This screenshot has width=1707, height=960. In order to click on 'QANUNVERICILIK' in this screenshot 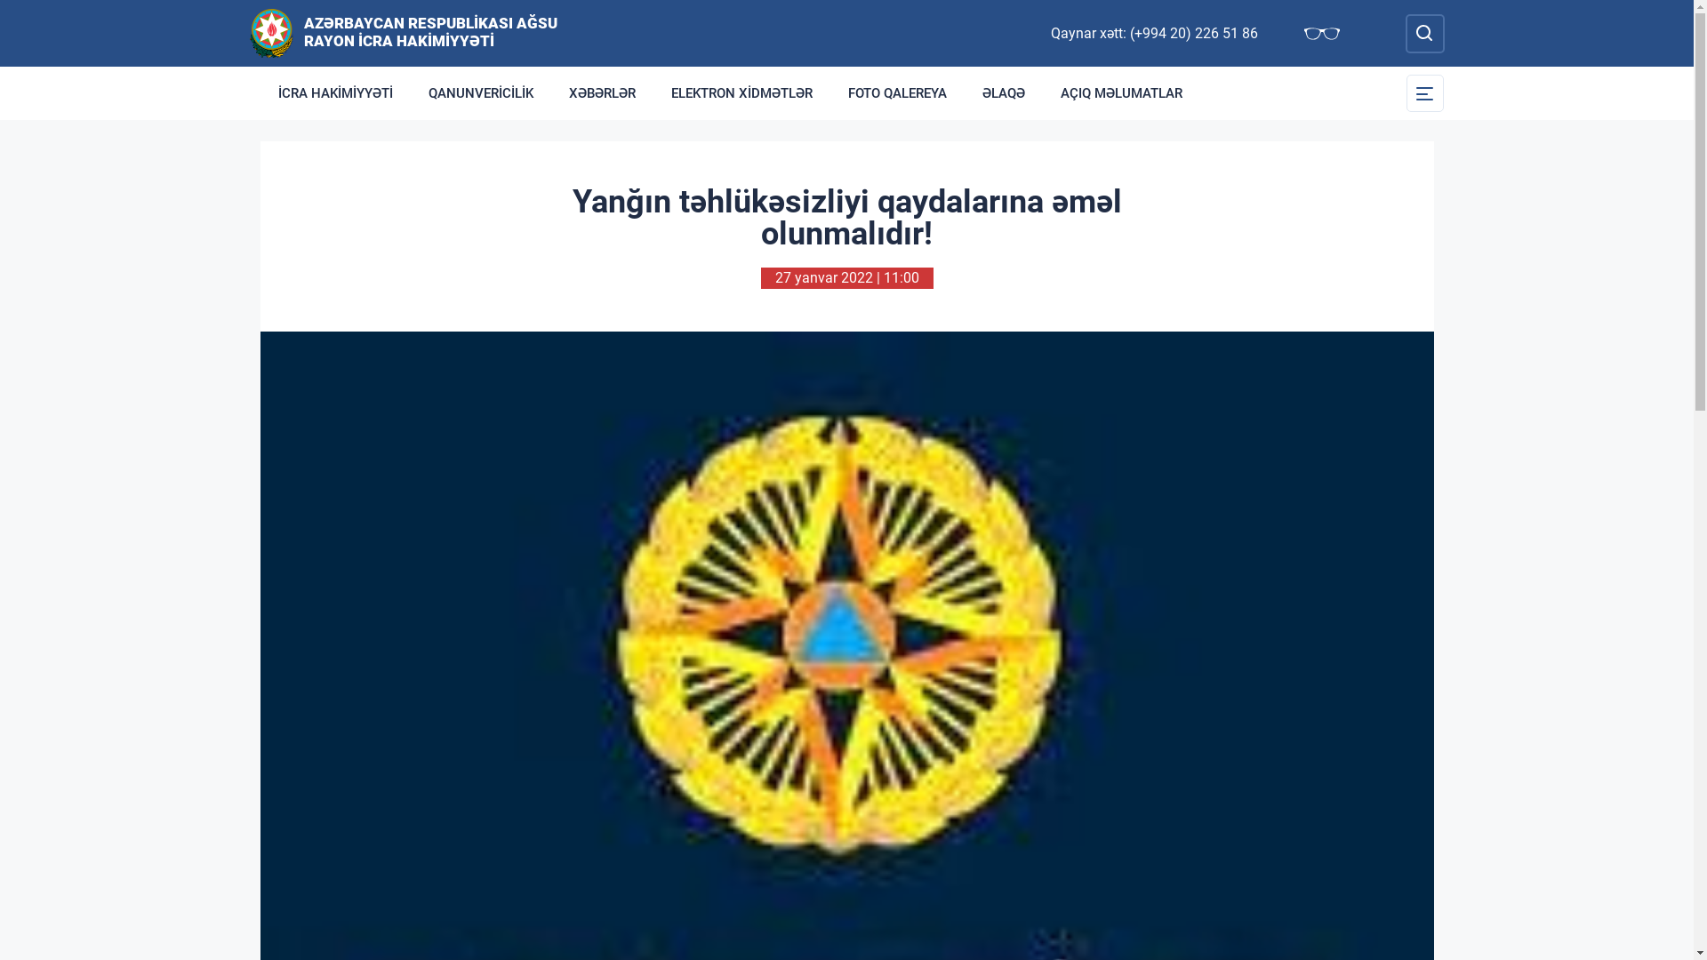, I will do `click(481, 92)`.